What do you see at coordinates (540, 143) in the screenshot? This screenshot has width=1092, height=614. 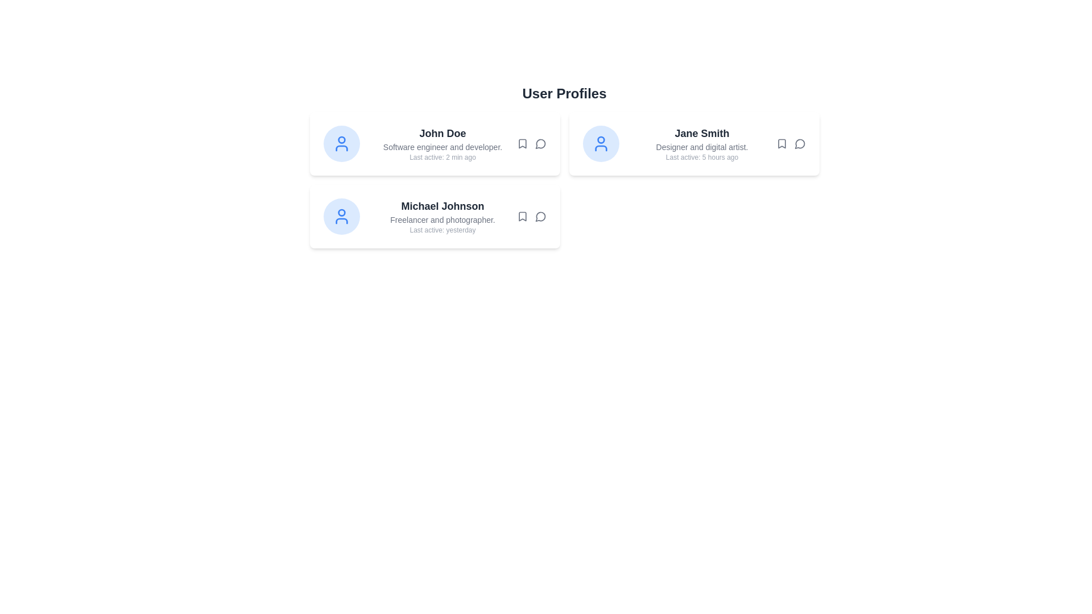 I see `the speech bubble icon located` at bounding box center [540, 143].